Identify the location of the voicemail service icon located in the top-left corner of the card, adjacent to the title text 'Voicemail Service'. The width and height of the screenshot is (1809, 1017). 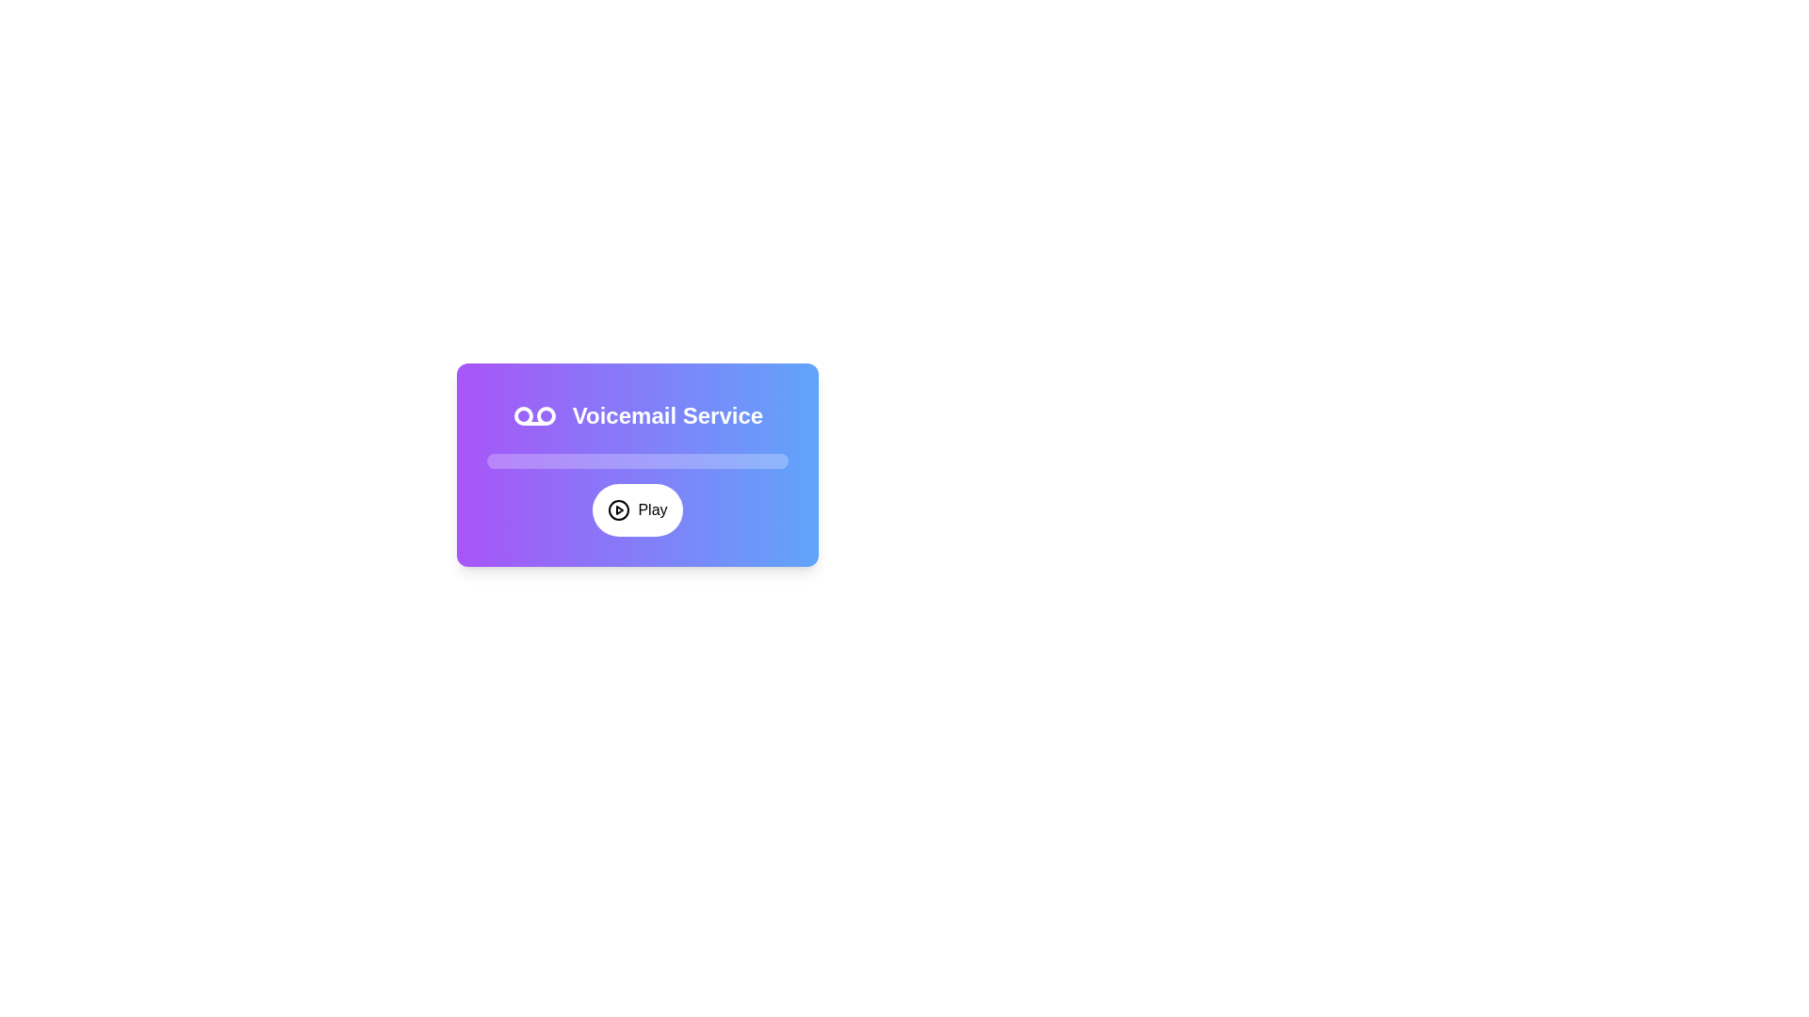
(533, 415).